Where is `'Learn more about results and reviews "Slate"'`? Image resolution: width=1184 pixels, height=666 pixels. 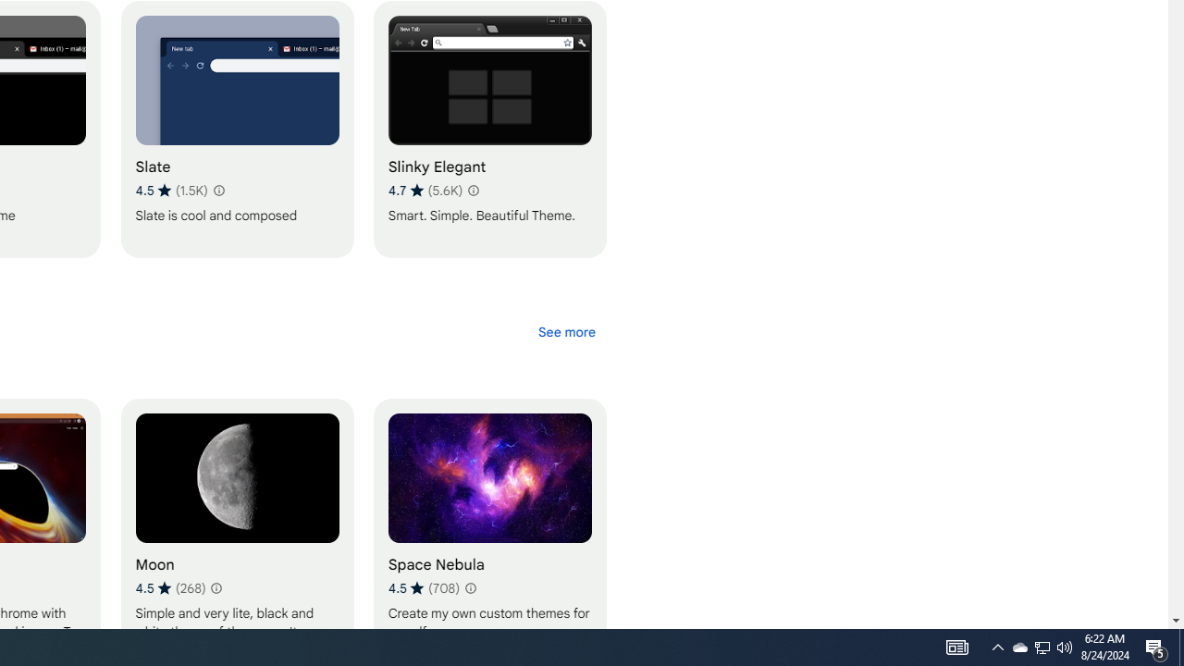 'Learn more about results and reviews "Slate"' is located at coordinates (218, 190).